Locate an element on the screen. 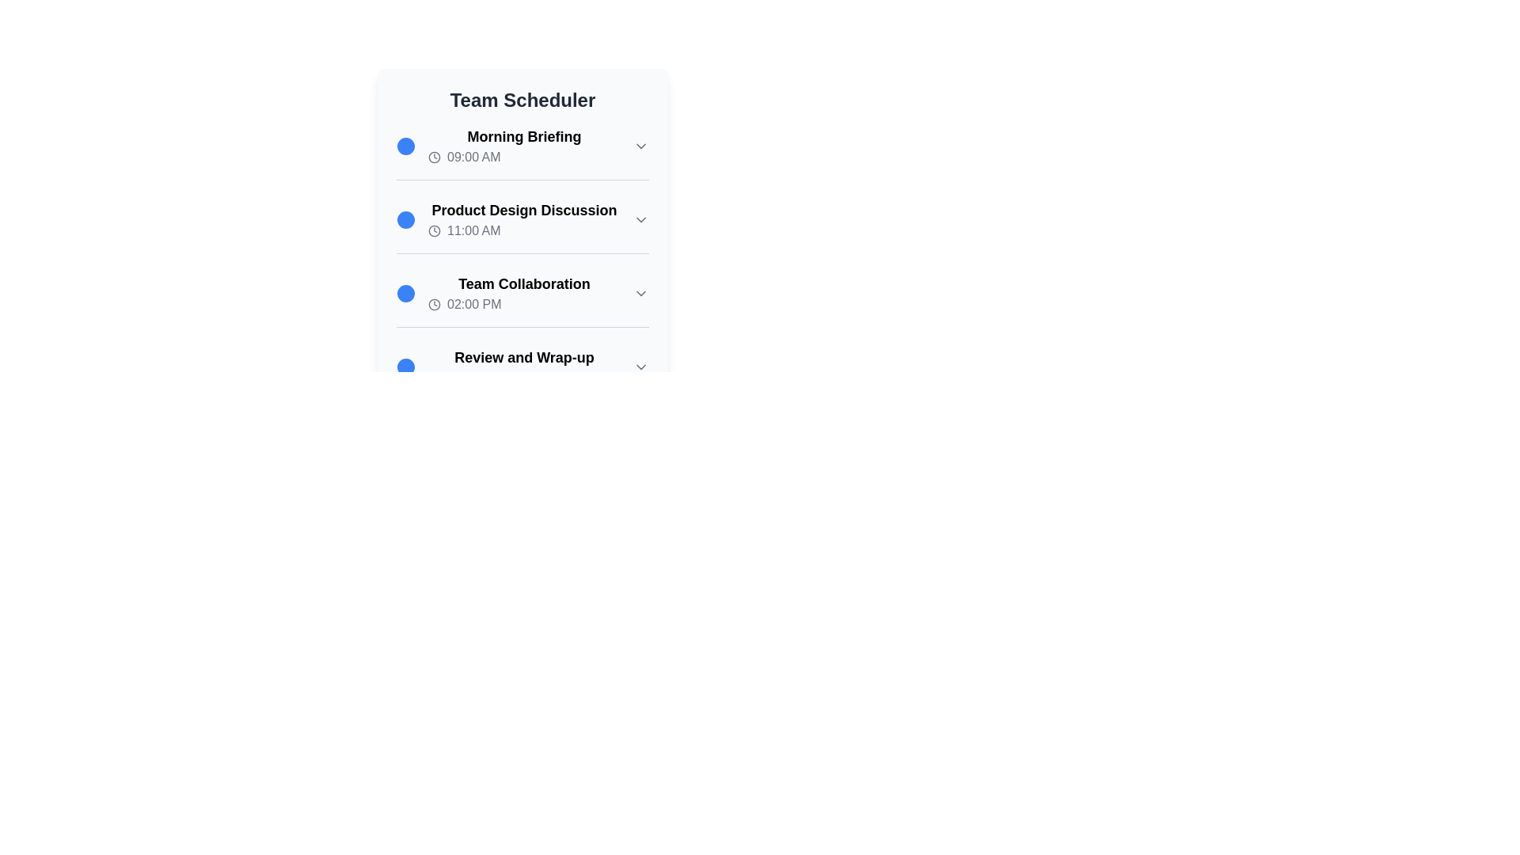 The image size is (1520, 855). the toggle button is located at coordinates (641, 219).